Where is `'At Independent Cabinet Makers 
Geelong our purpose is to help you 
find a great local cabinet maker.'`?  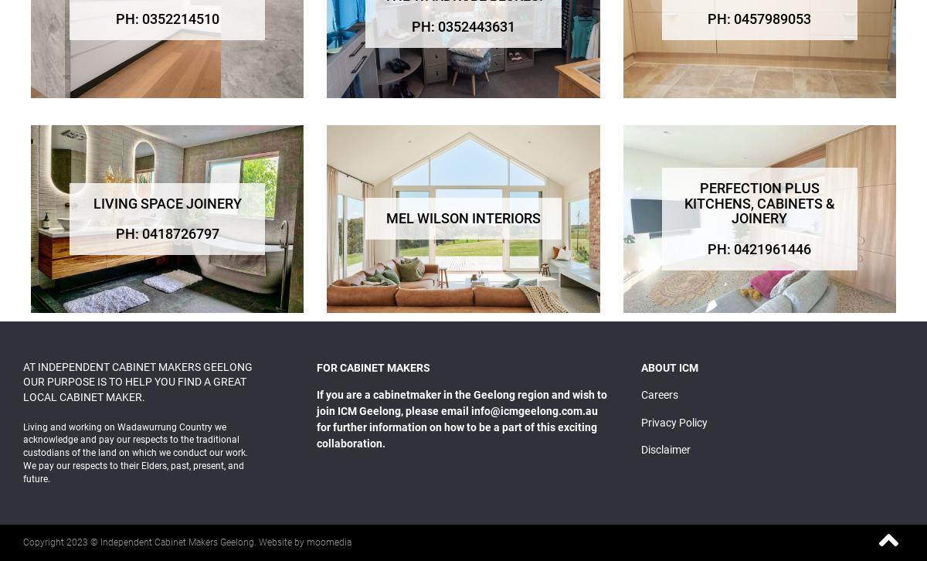
'At Independent Cabinet Makers 
Geelong our purpose is to help you 
find a great local cabinet maker.' is located at coordinates (137, 381).